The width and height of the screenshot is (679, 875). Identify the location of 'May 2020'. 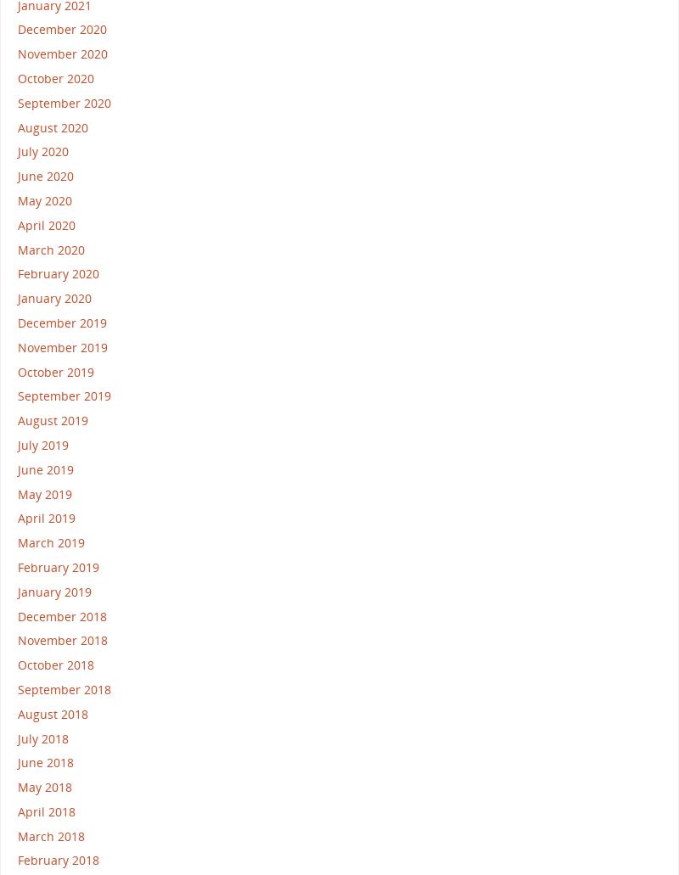
(44, 199).